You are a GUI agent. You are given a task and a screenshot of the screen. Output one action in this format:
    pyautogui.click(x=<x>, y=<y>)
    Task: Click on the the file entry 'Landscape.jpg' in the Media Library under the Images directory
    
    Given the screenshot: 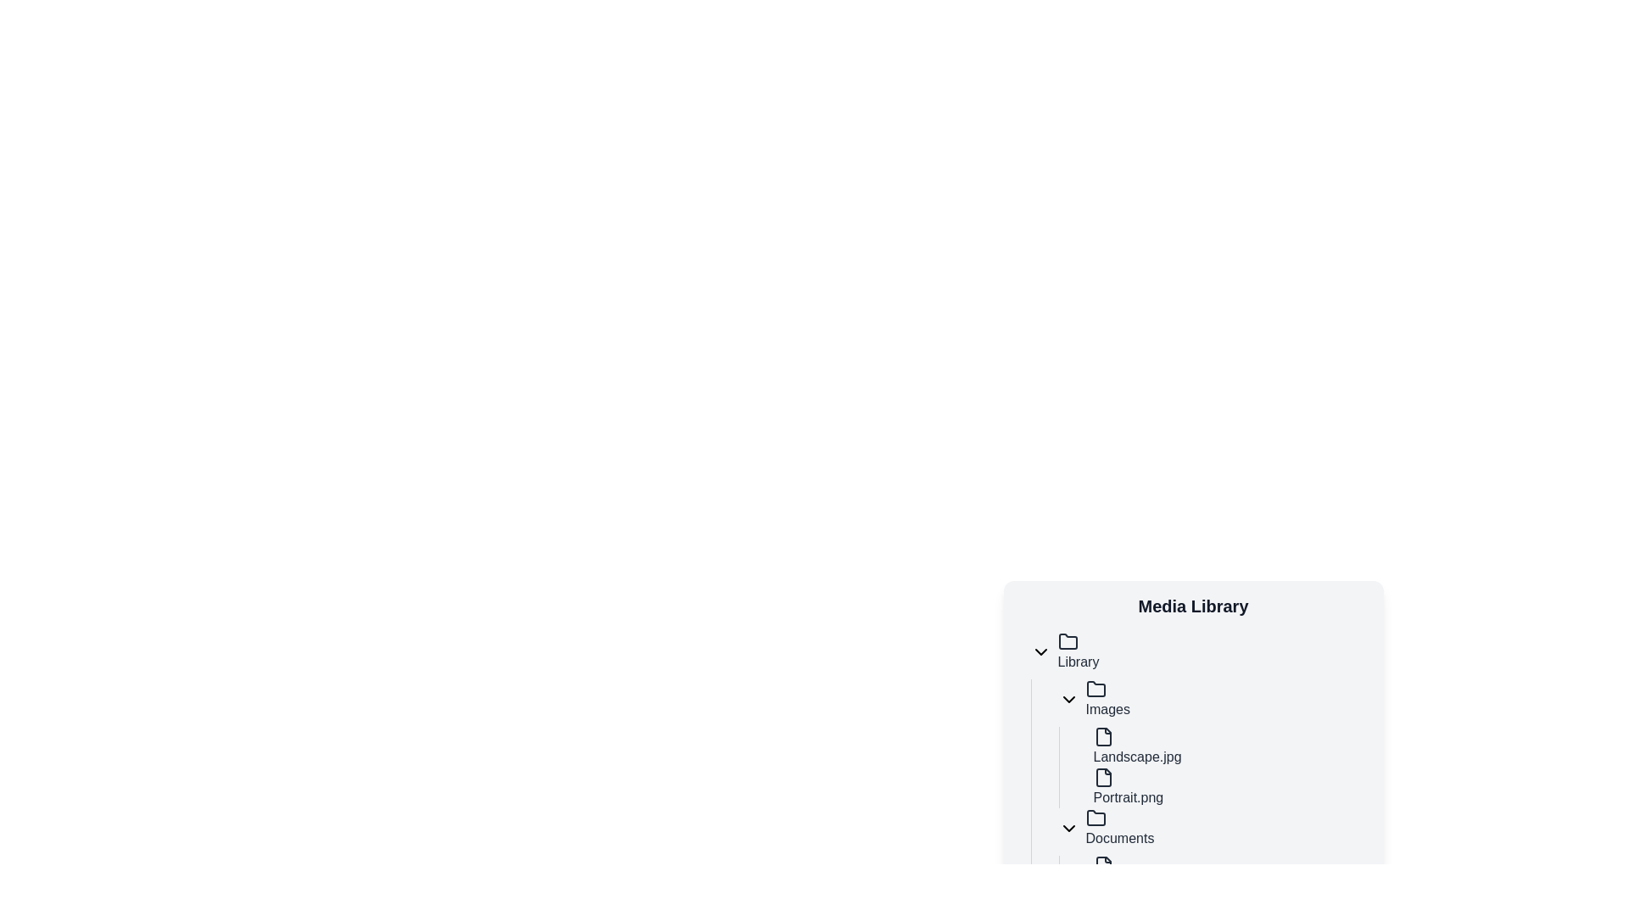 What is the action you would take?
    pyautogui.click(x=1228, y=746)
    